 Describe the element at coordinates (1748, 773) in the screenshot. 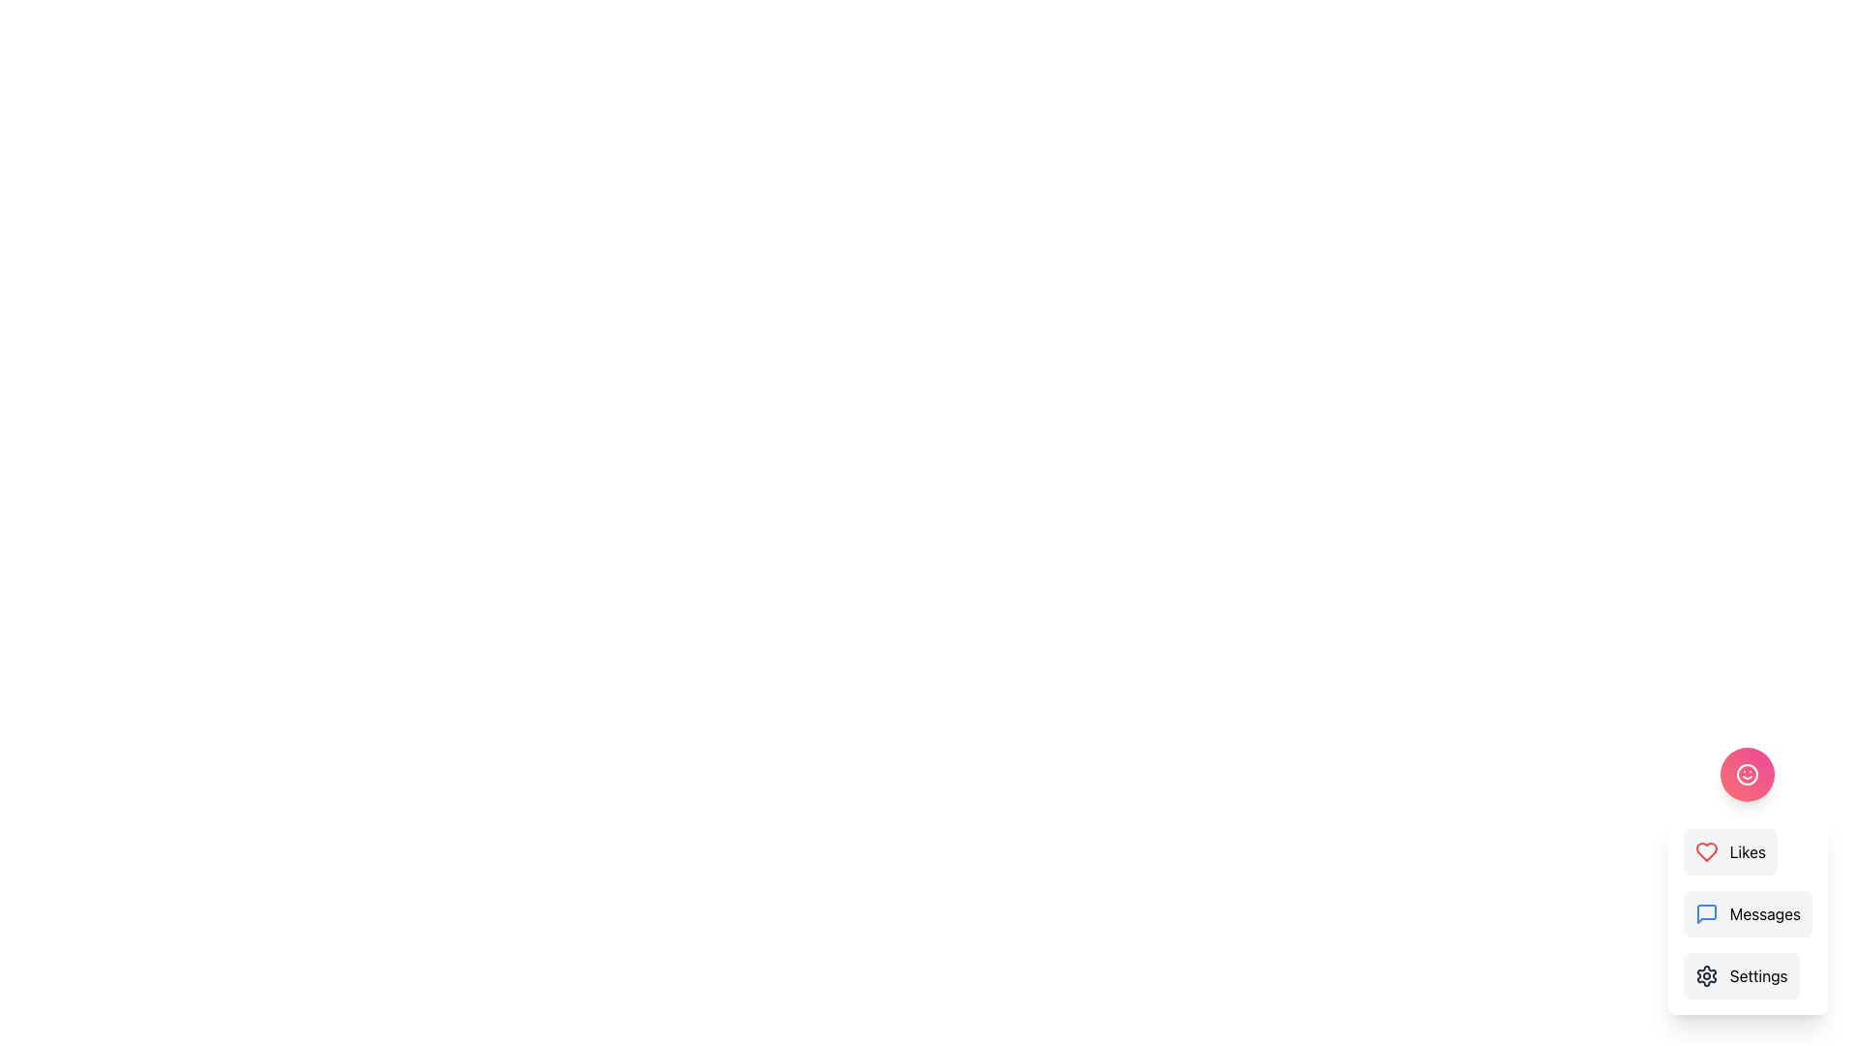

I see `the circular outline that serves as a decorative component of the smiley icon located in the bottom-right corner of the interface` at that location.